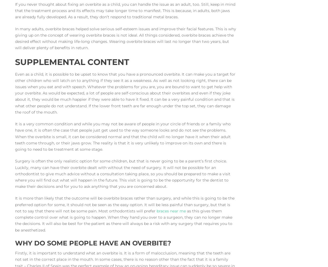 The image size is (328, 267). I want to click on 'It is a very common condition and while you may not be aware of people in your circle of friends or a family who have one, it is often the case that people just get used to the way someone looks and do not see the problems. When the overbite is small, it can be considered normal and that the child will no longer have it when their adult teeth come through, or their jaws grow. The reality is that it is very unlikely to improve on its own and there is going to need to be treatment at some stage.', so click(123, 137).